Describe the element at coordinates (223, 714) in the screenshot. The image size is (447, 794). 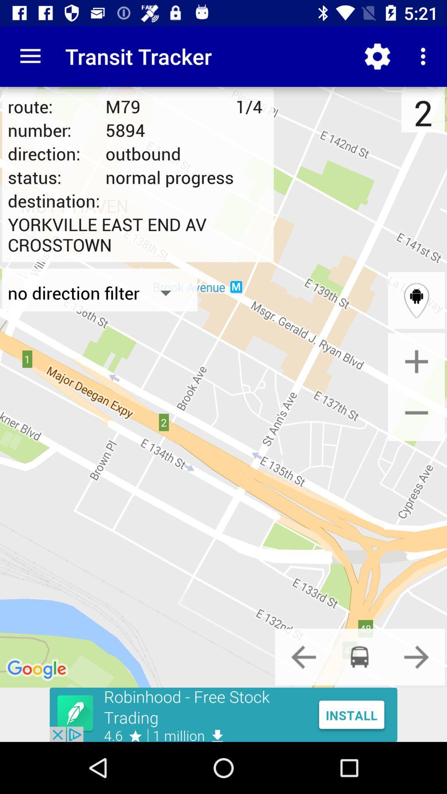
I see `advertisement` at that location.